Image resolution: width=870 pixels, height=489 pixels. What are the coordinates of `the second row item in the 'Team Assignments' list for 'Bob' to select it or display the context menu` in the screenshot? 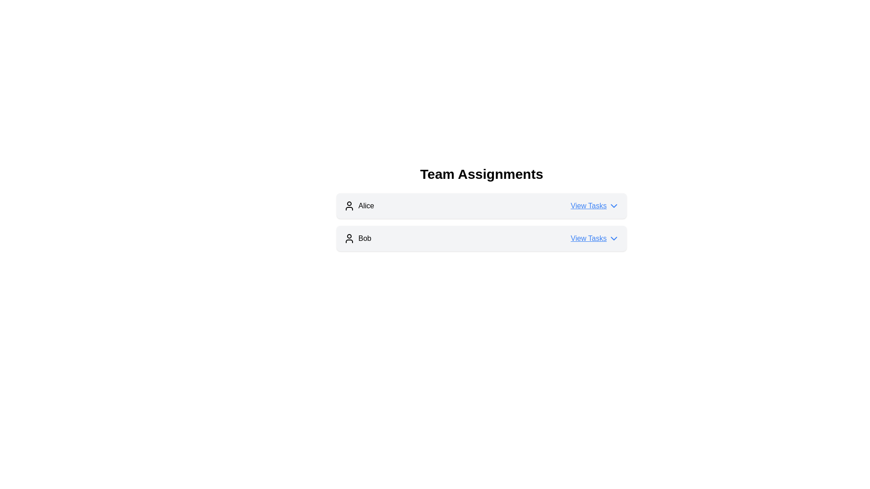 It's located at (481, 238).